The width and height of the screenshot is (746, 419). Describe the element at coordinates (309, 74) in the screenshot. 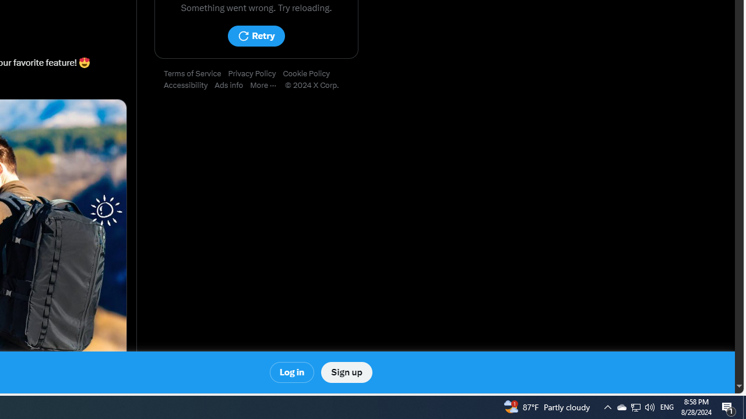

I see `'Cookie Policy'` at that location.